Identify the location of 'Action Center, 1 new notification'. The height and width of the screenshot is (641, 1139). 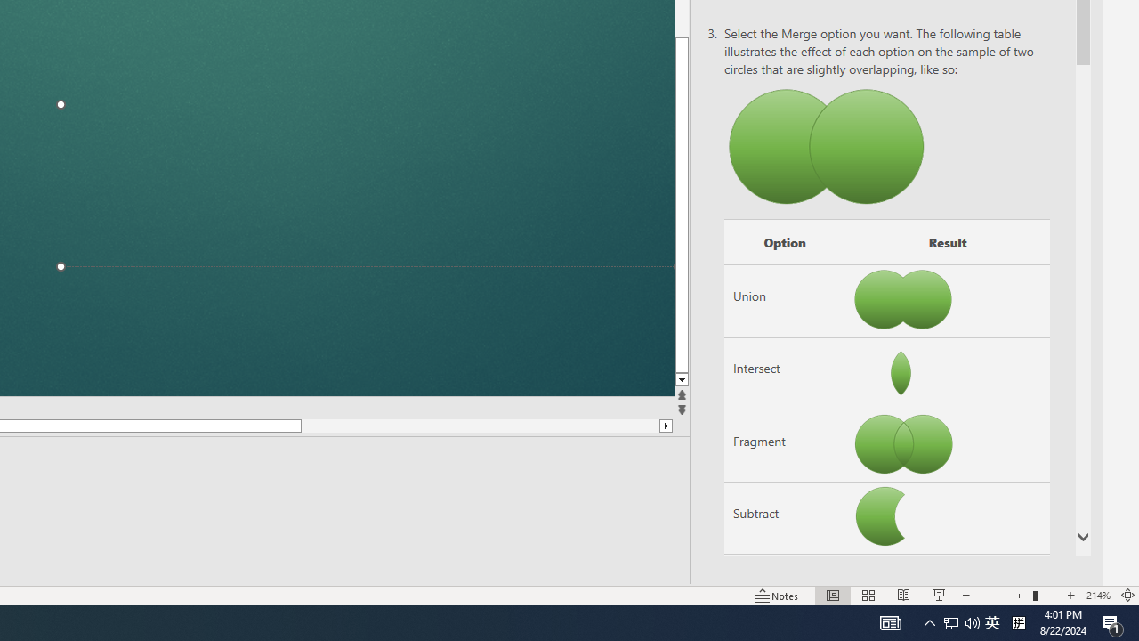
(1112, 621).